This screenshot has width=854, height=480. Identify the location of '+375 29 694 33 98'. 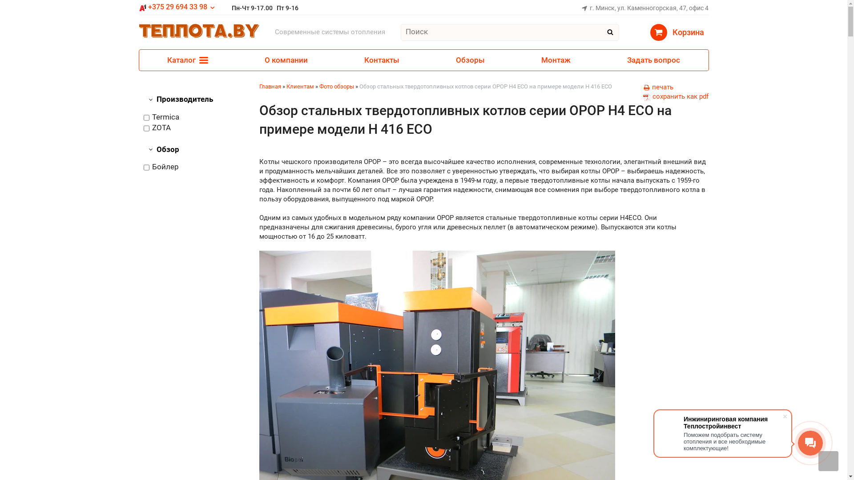
(177, 7).